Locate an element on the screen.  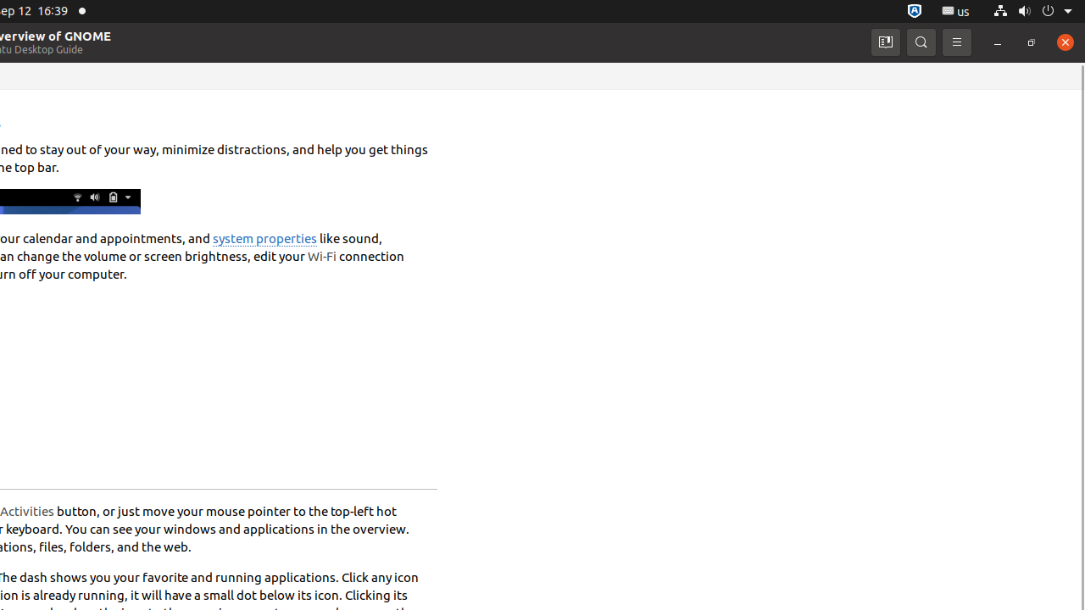
'Minimize' is located at coordinates (997, 41).